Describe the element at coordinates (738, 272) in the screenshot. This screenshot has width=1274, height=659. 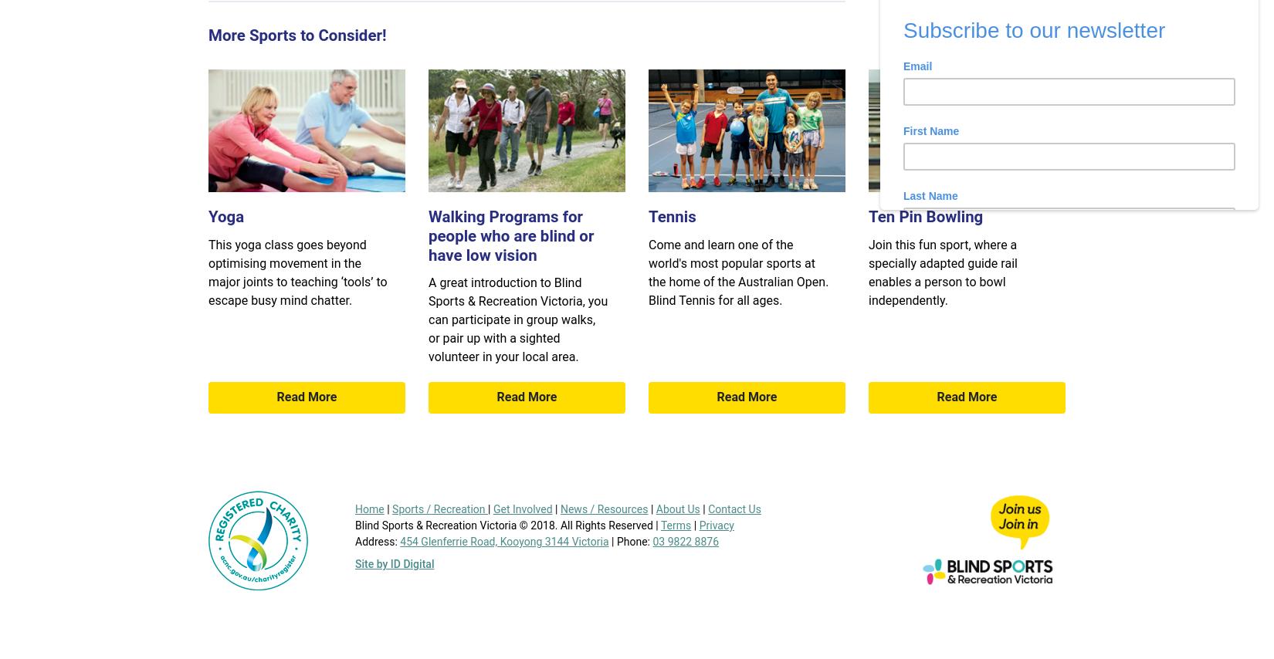
I see `'Come and learn one of the world's most popular sports at the home of the Australian Open. Blind Tennis for all ages.'` at that location.